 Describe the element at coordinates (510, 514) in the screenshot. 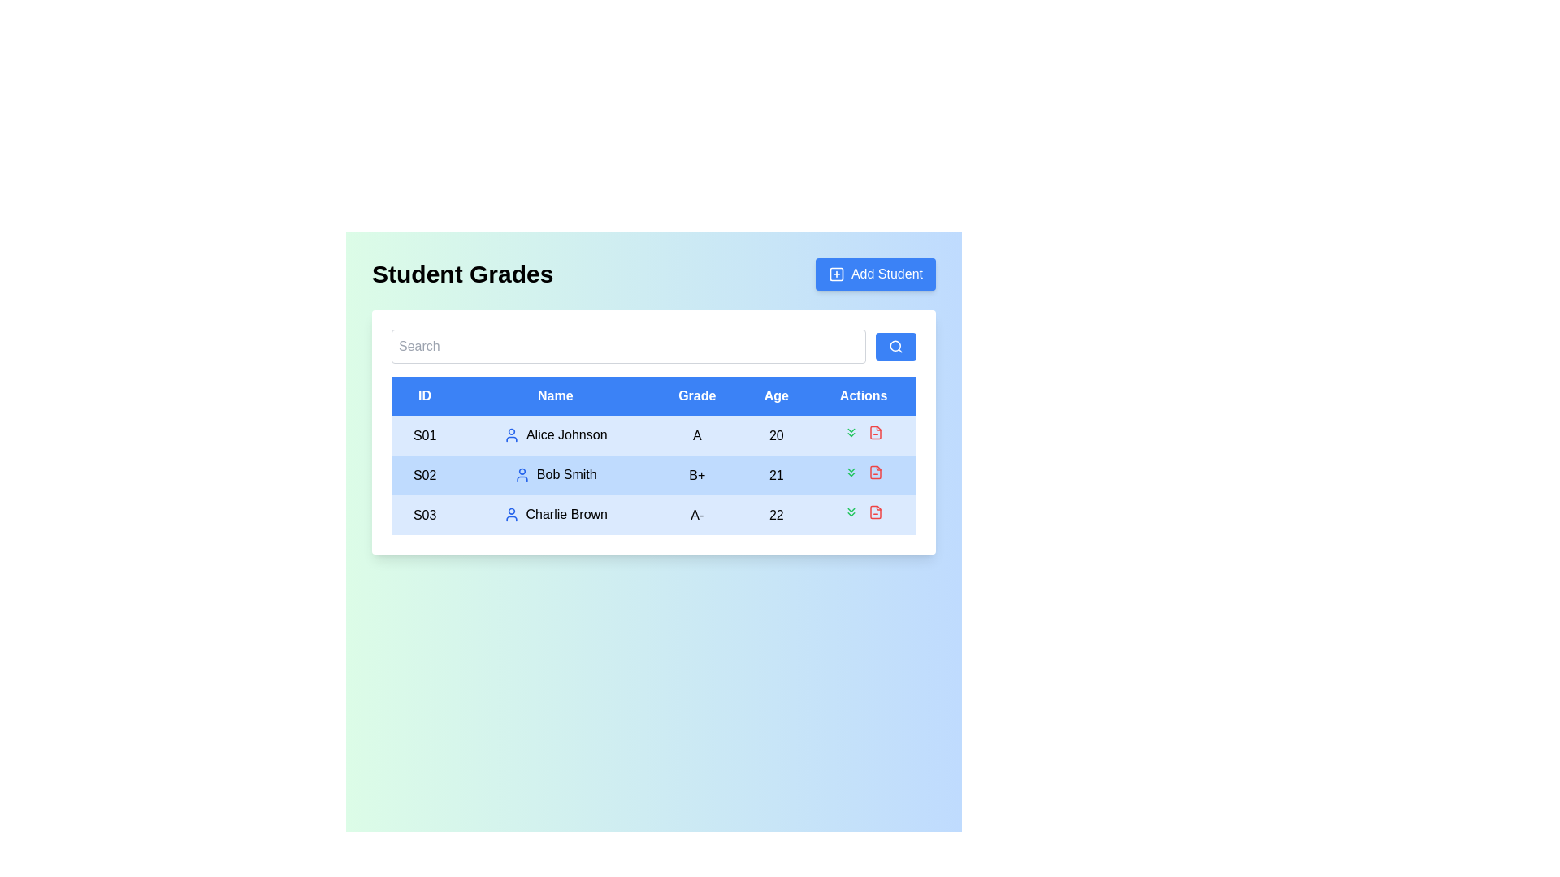

I see `the Icon representing 'Charlie Brown' located in the third row of the table, to the left of the text 'Charlie Brown'` at that location.